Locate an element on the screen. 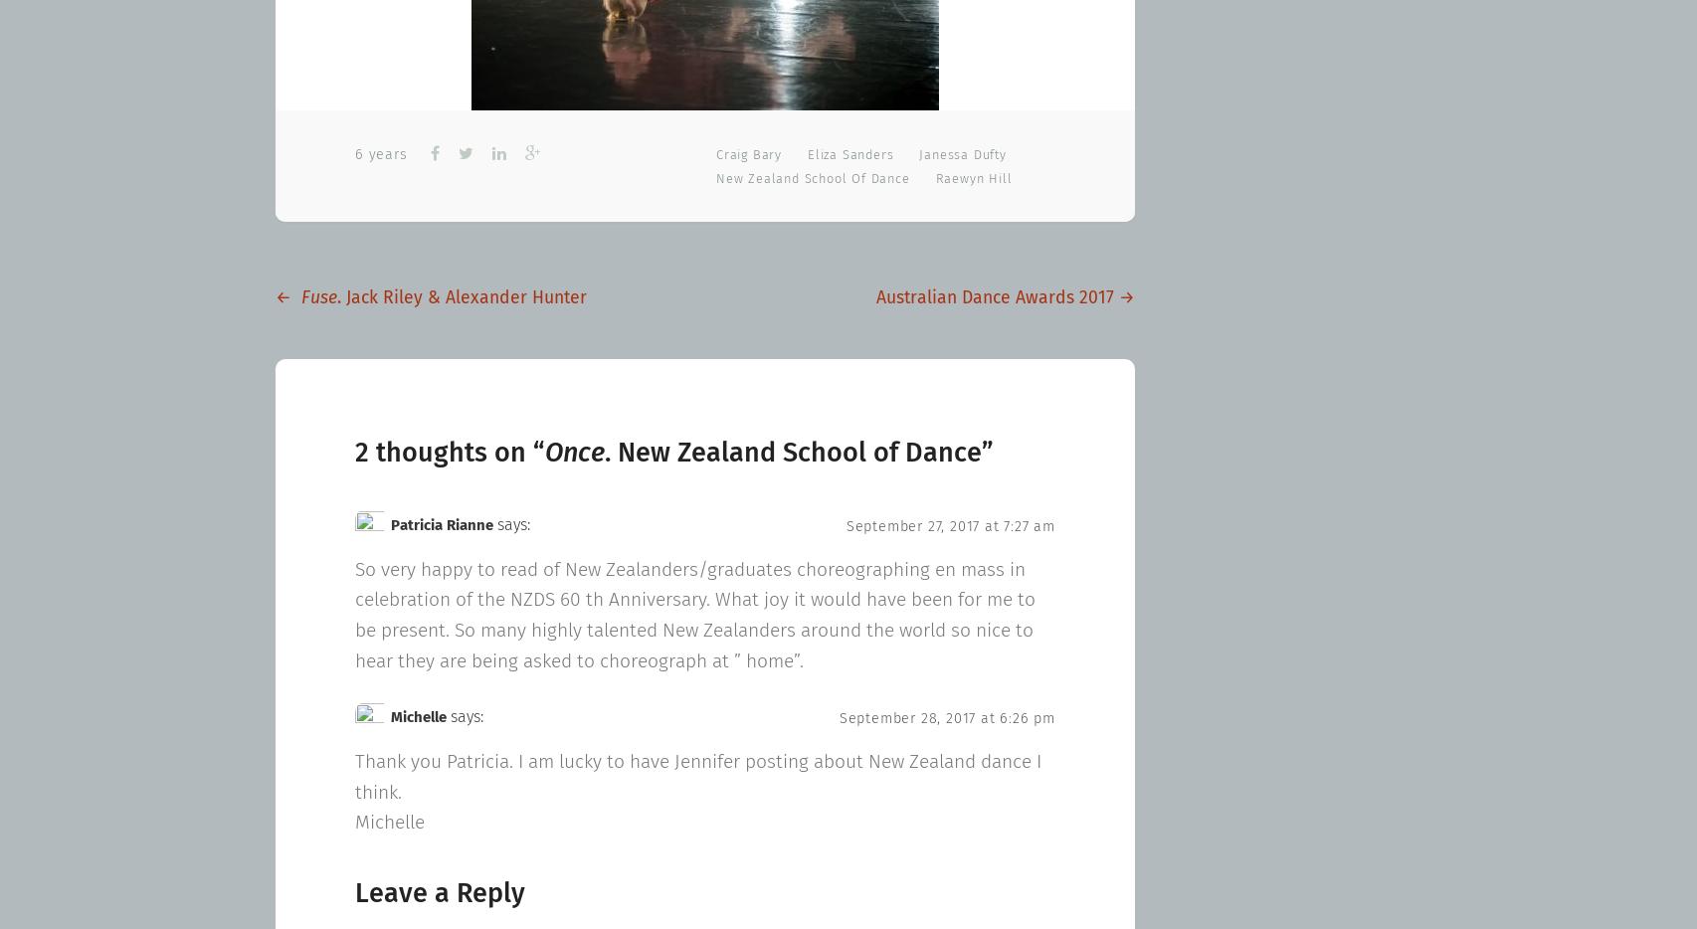  'Raewyn Hill' is located at coordinates (973, 178).